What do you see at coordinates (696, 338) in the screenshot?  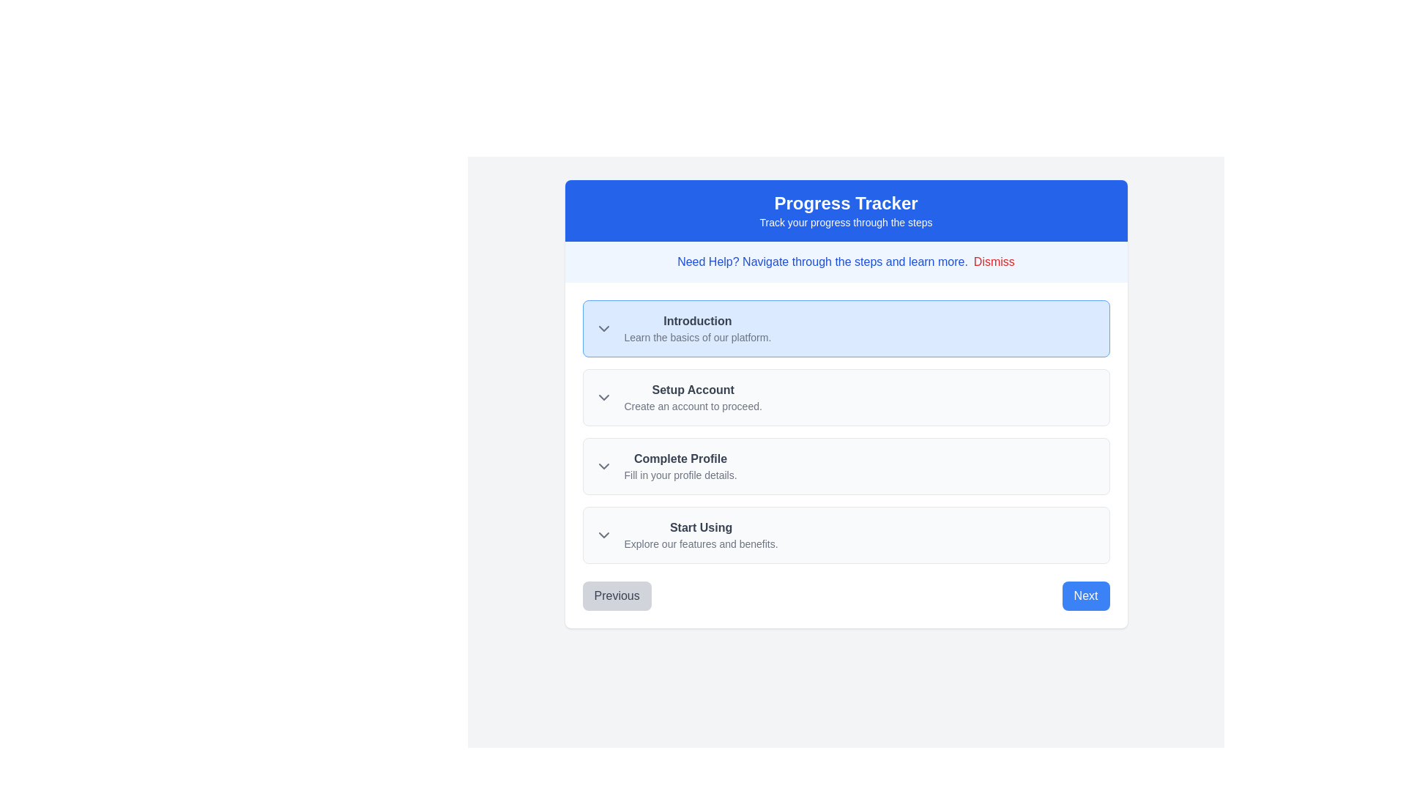 I see `the explanatory text element located directly under the bold 'Introduction' label in the upper left quadrant of the layout` at bounding box center [696, 338].